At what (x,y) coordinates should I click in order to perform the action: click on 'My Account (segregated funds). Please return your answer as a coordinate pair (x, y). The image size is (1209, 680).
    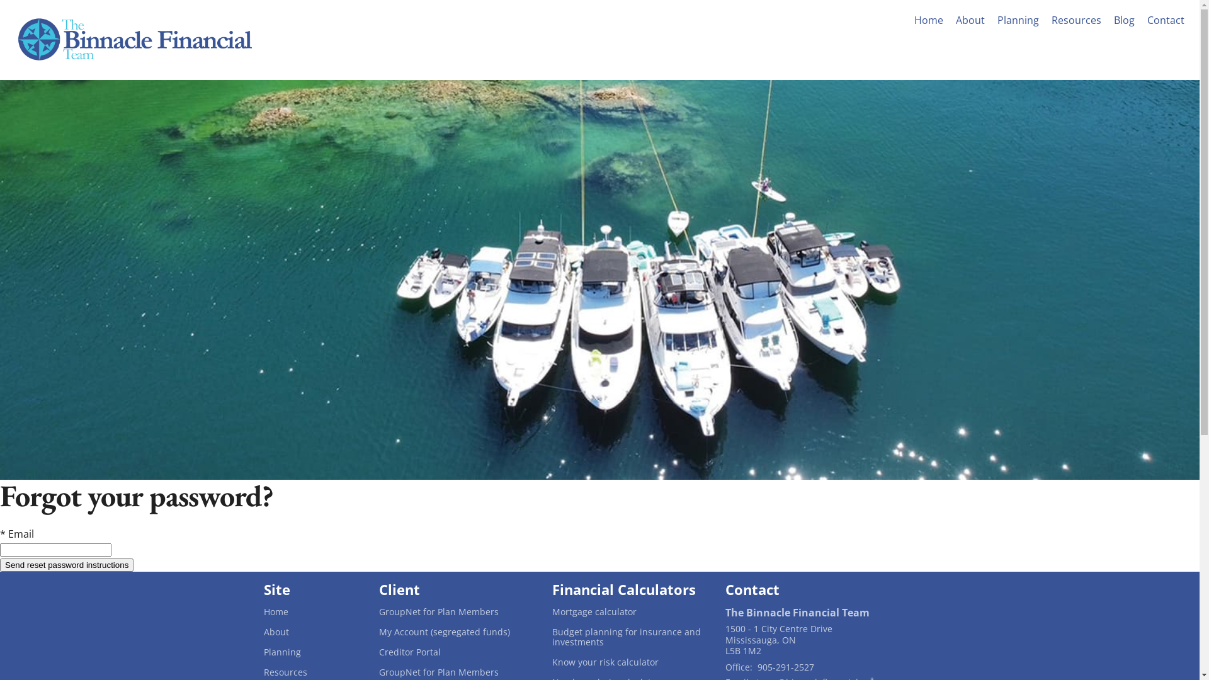
    Looking at the image, I should click on (455, 632).